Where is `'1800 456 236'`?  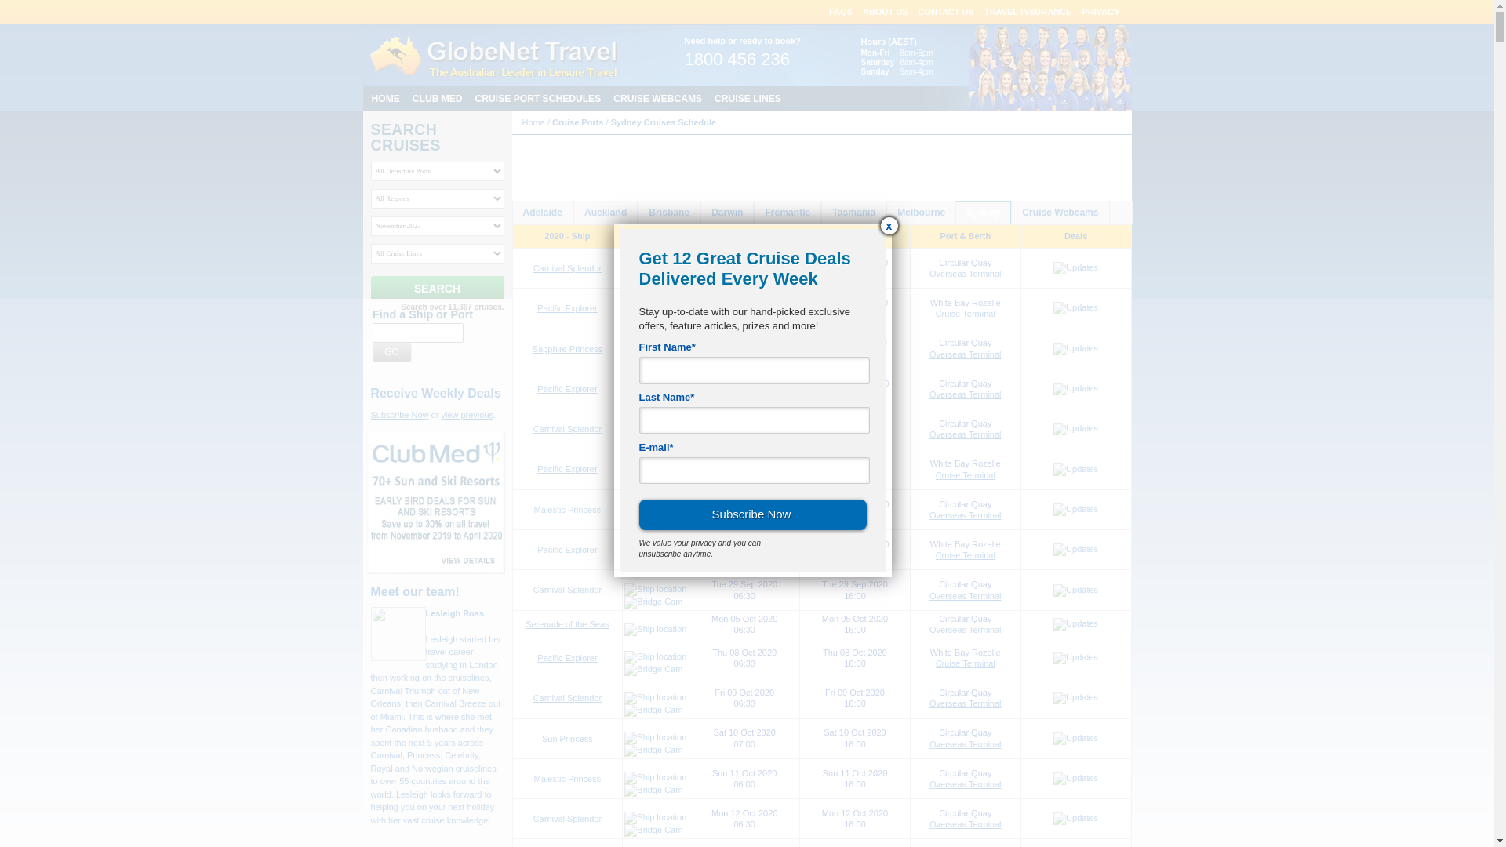
'1800 456 236' is located at coordinates (736, 60).